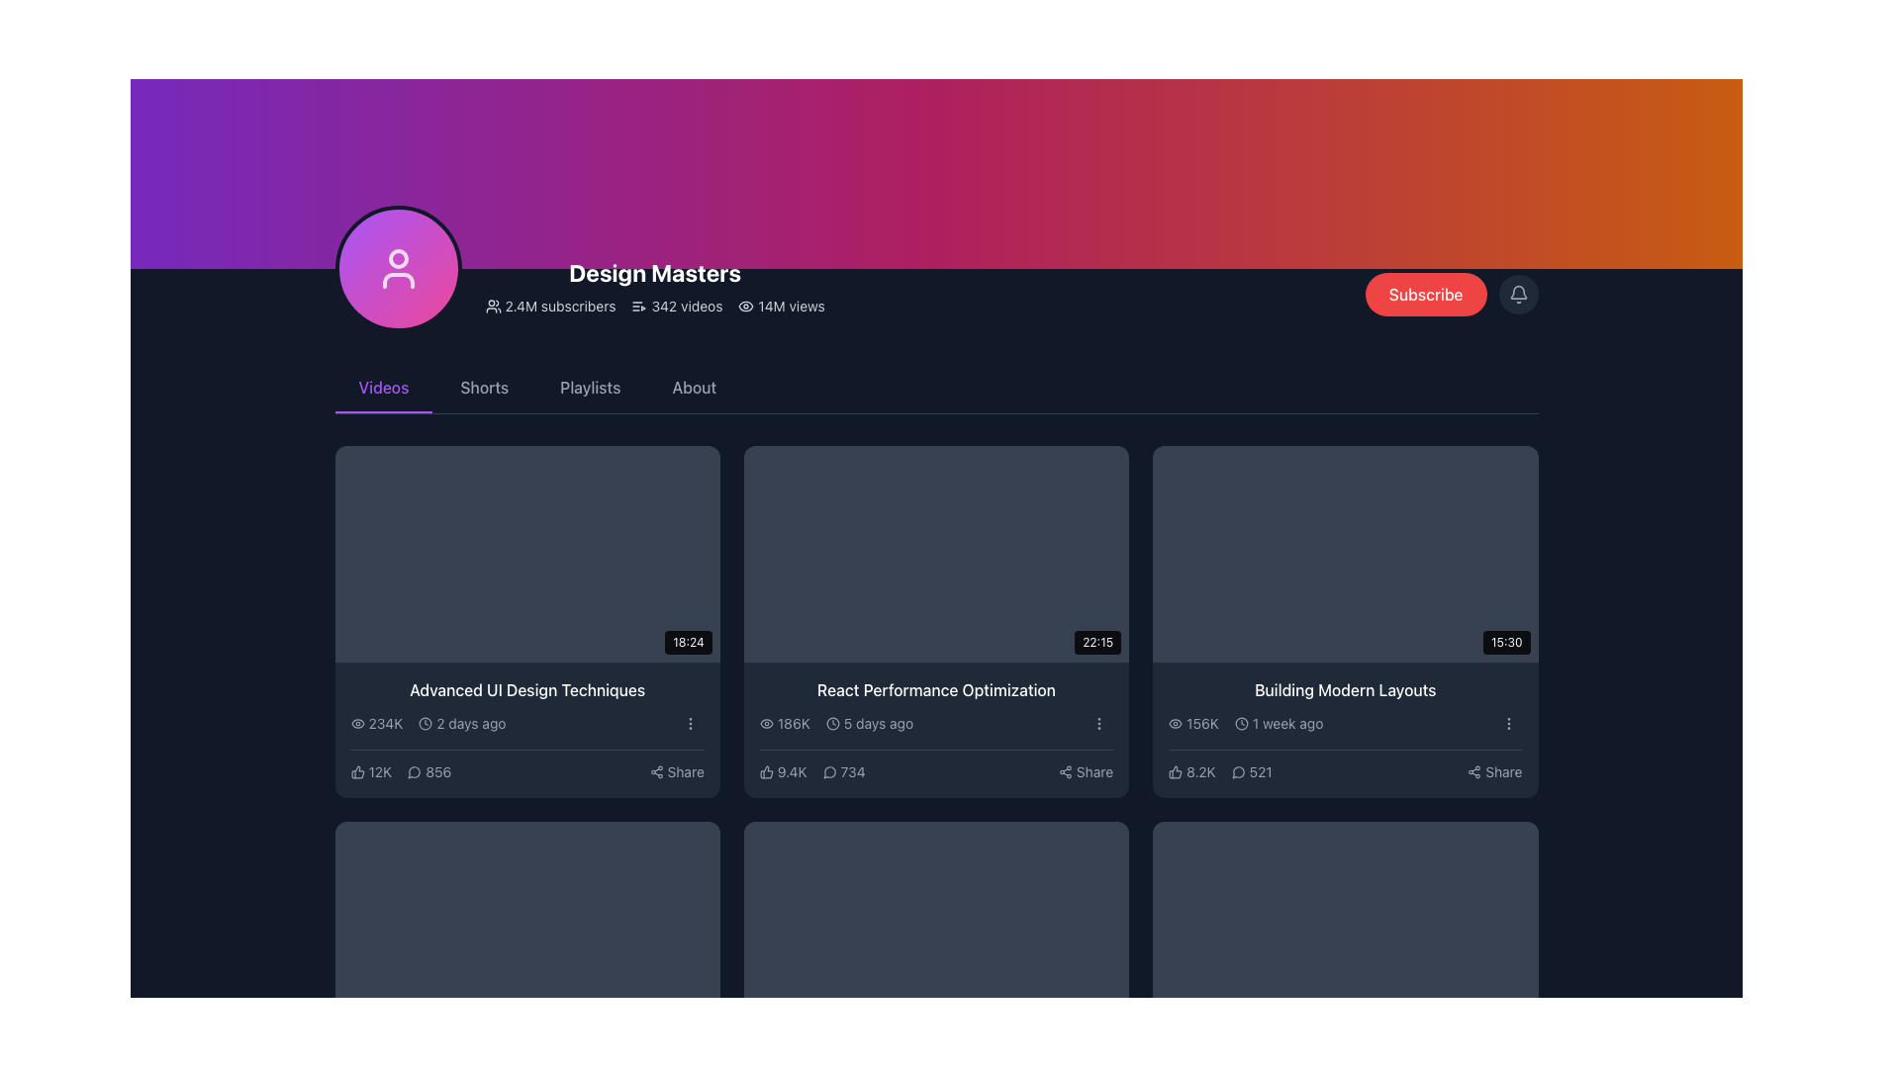 This screenshot has height=1068, width=1900. What do you see at coordinates (397, 281) in the screenshot?
I see `the decorative graphical element, which is a curved line segment resembling a semicircle, located centrally within the user profile icon area` at bounding box center [397, 281].